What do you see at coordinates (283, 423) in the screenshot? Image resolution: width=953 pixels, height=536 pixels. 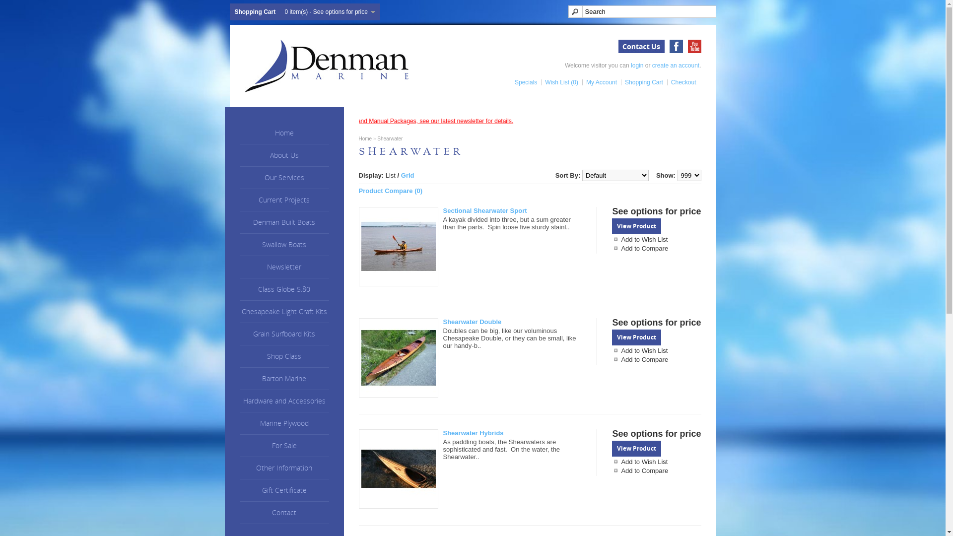 I see `'Marine Plywood'` at bounding box center [283, 423].